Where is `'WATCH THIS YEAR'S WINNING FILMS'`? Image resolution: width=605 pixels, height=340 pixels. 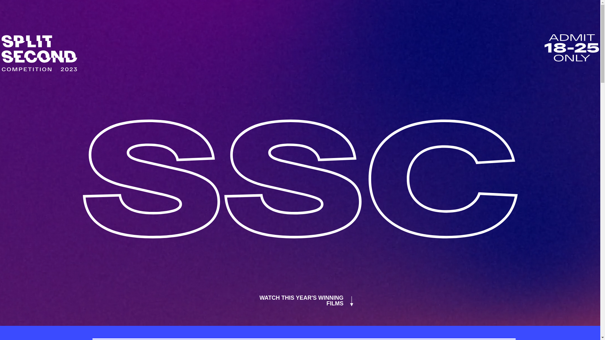
'WATCH THIS YEAR'S WINNING FILMS' is located at coordinates (300, 300).